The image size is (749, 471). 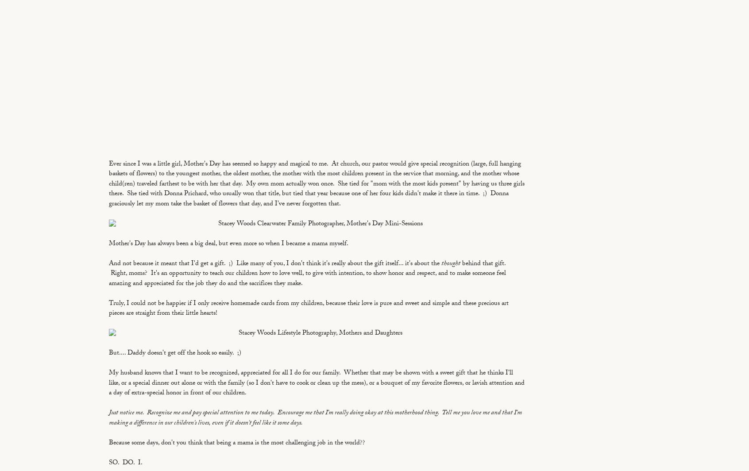 I want to click on 'Ever since I was a little girl, Mother's Day has seemed so happy and magical to me.  At church, our pastor would give special recognition (large, full hanging baskets of flowers) to the youngest mother, the oldest mother, the mother with the most children present in the service that morning, and the mother whose child(ren) traveled farthest to be with her that day.  My own mom actually won once.  She tied for "mom with the most kids present" by having us three girls there.  She tied with Donna Prichard, who usually won that title, but tied that year because one of her four kids didn't make it there in time.  ;)  Donna graciously let my mom take the basket of flowers that day, and I've never forgotten that.', so click(x=316, y=184).